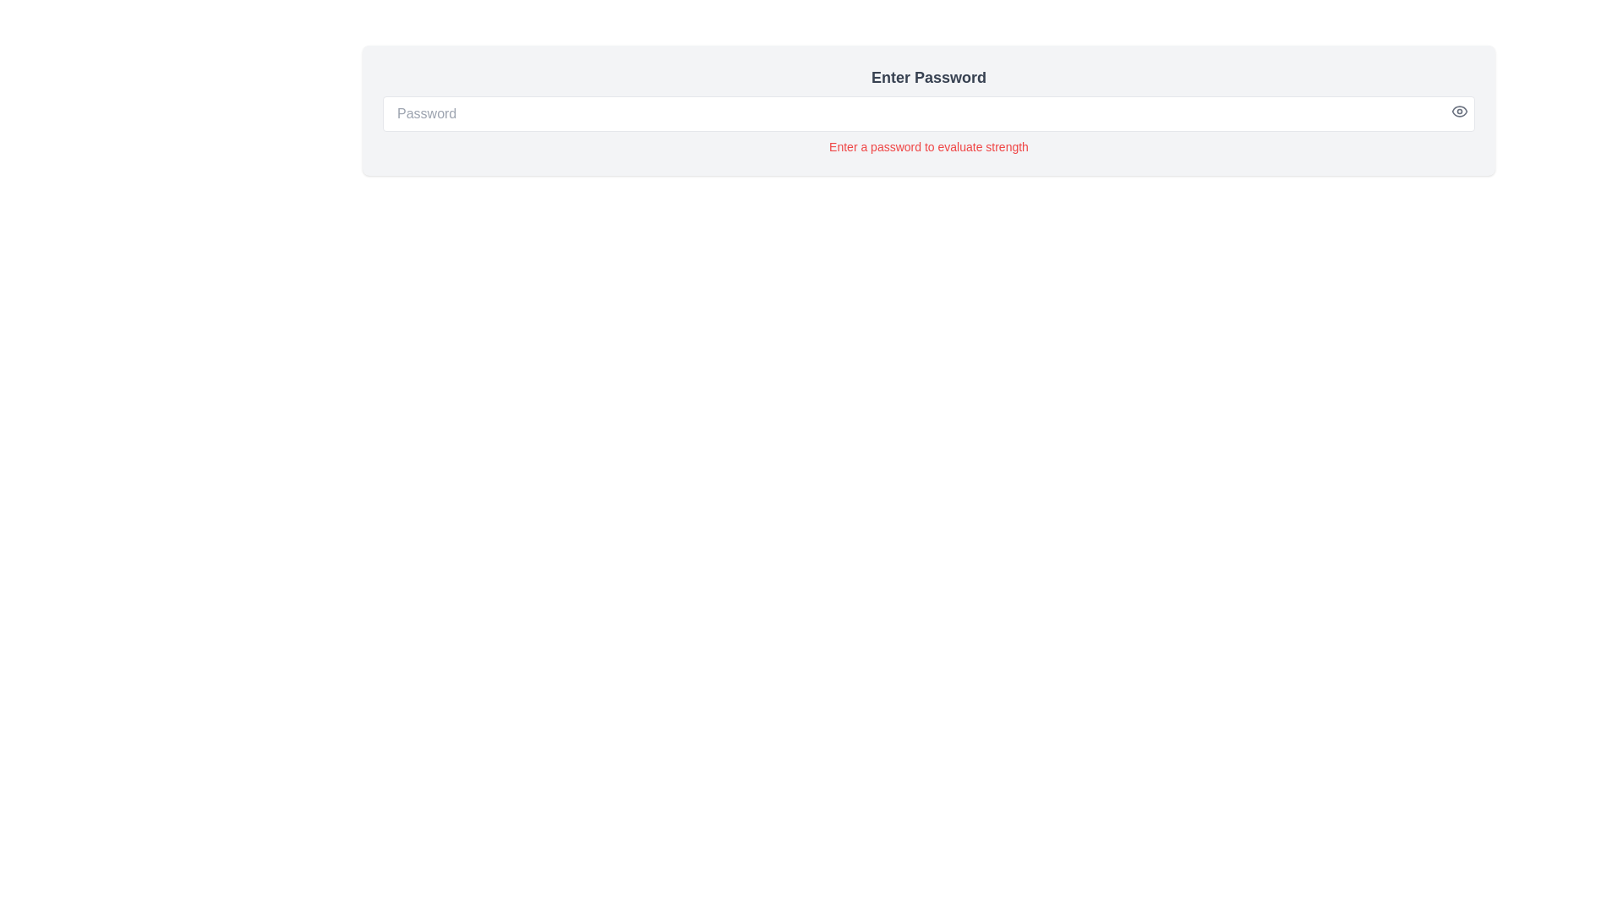  I want to click on the Password Input Field by tabbing to it, which is centrally aligned and allows secure password entry, so click(928, 114).